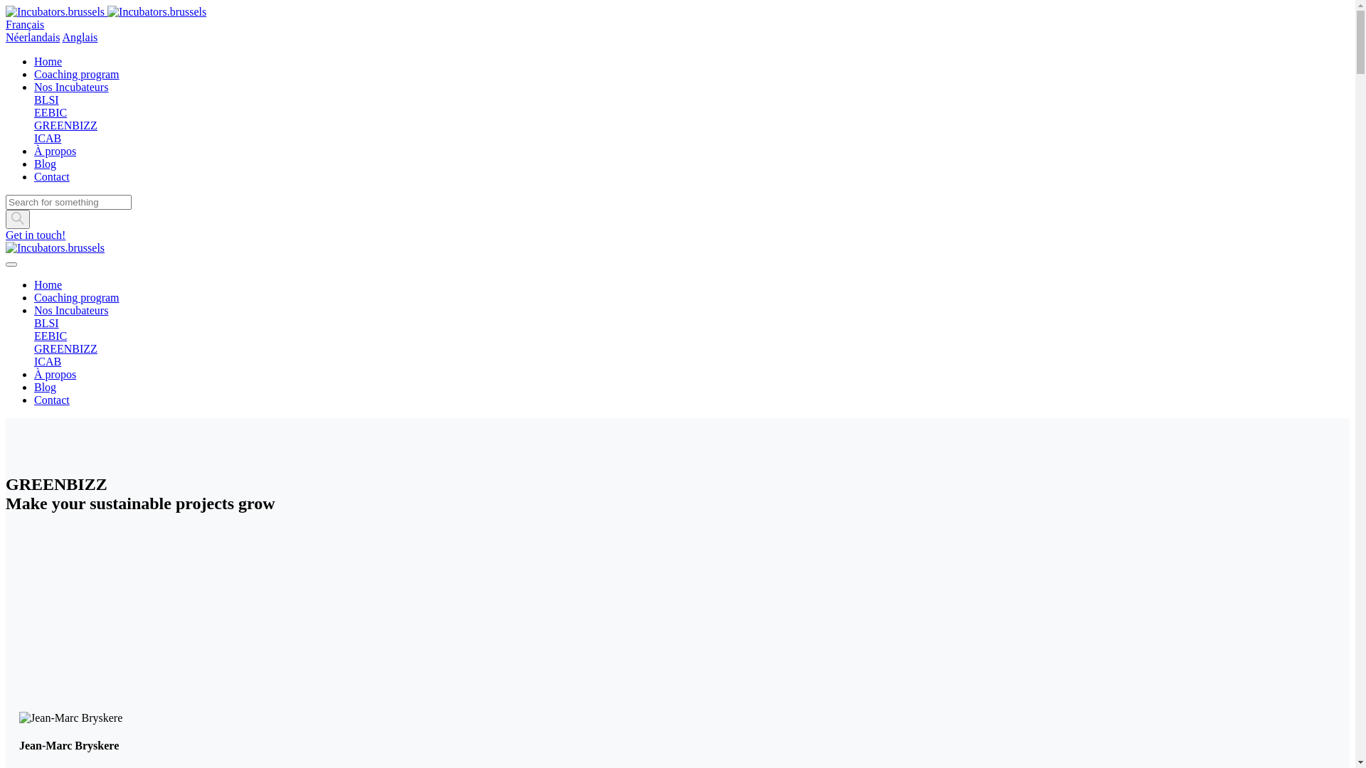 This screenshot has width=1366, height=768. What do you see at coordinates (34, 387) in the screenshot?
I see `'Blog'` at bounding box center [34, 387].